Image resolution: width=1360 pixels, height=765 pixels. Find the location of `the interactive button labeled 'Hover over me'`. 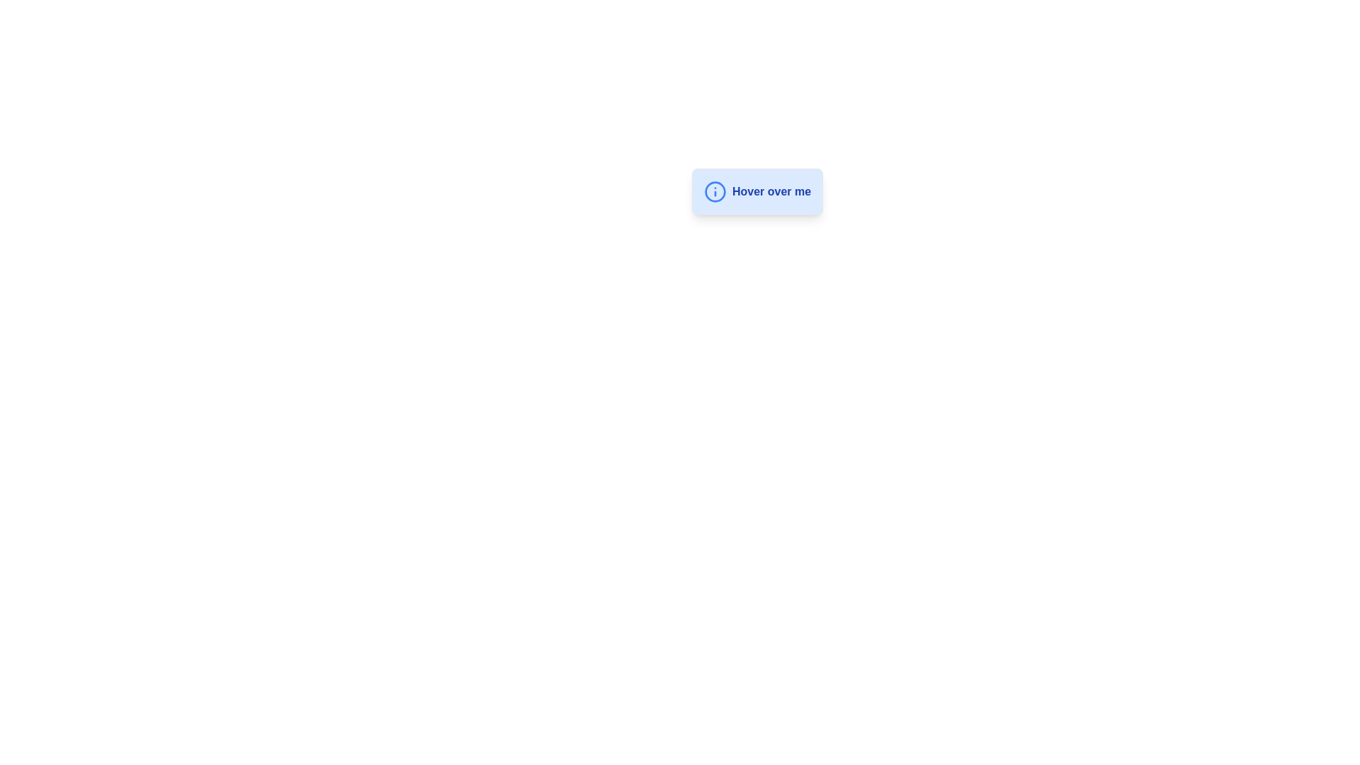

the interactive button labeled 'Hover over me' is located at coordinates (756, 191).